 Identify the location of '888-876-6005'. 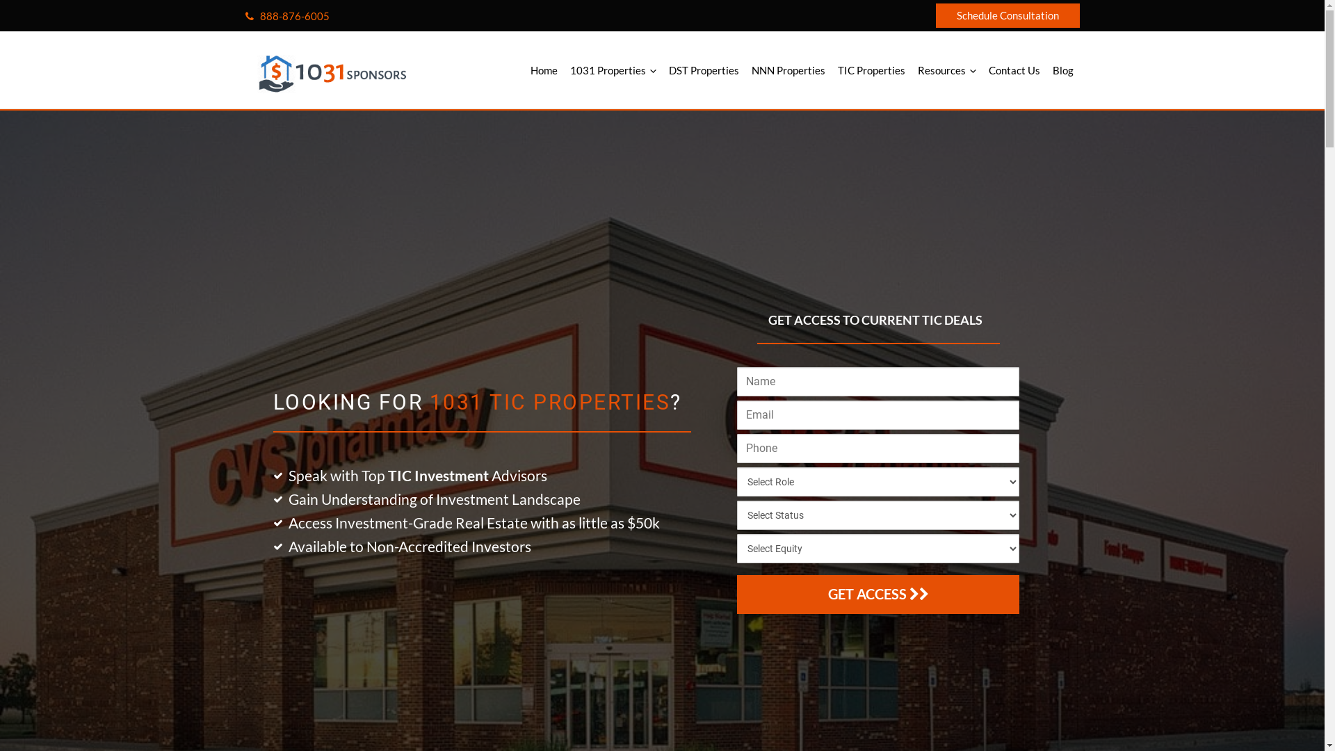
(286, 16).